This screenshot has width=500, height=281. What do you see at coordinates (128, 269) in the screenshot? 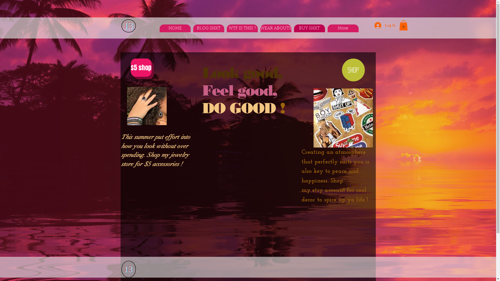
I see `'13'` at bounding box center [128, 269].